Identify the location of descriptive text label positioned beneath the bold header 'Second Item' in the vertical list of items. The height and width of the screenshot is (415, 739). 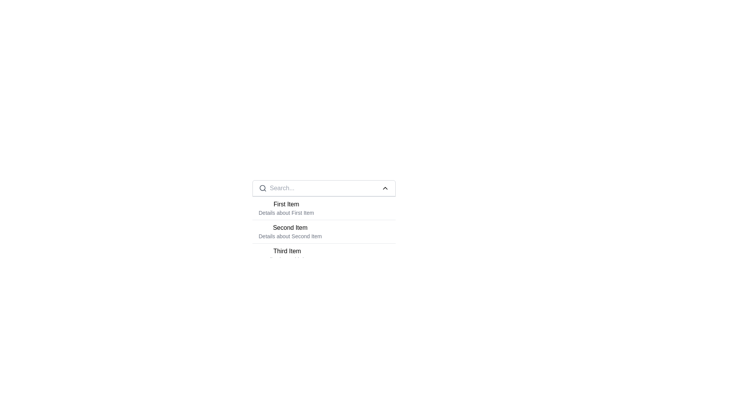
(290, 236).